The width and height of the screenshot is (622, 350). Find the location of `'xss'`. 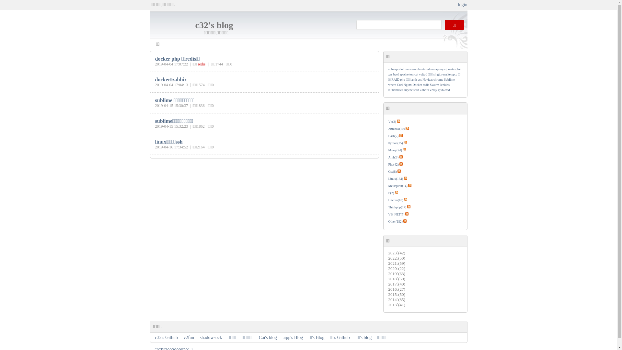

'xss' is located at coordinates (390, 74).